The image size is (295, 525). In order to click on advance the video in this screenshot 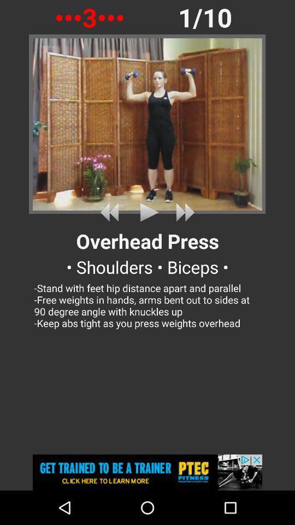, I will do `click(183, 212)`.